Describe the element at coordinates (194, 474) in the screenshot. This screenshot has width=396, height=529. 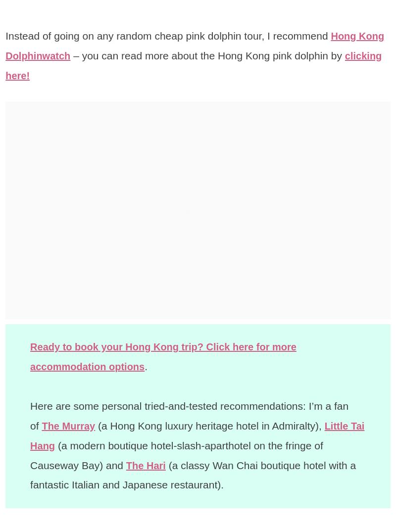
I see `'(a classy Wan Chai boutique hotel with a fantastic Italian and Japanese restaurant).'` at that location.